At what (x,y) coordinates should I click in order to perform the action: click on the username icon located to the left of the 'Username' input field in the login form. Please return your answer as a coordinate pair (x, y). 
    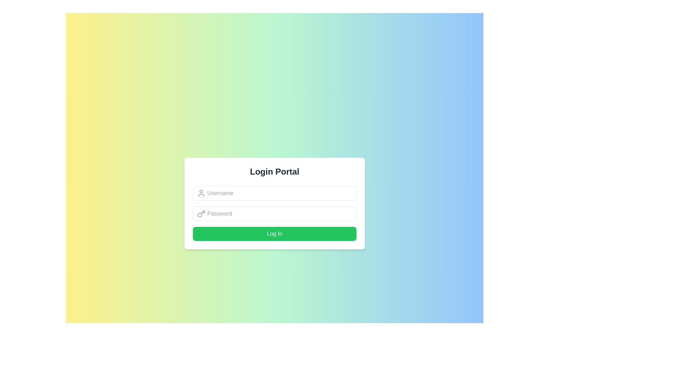
    Looking at the image, I should click on (201, 193).